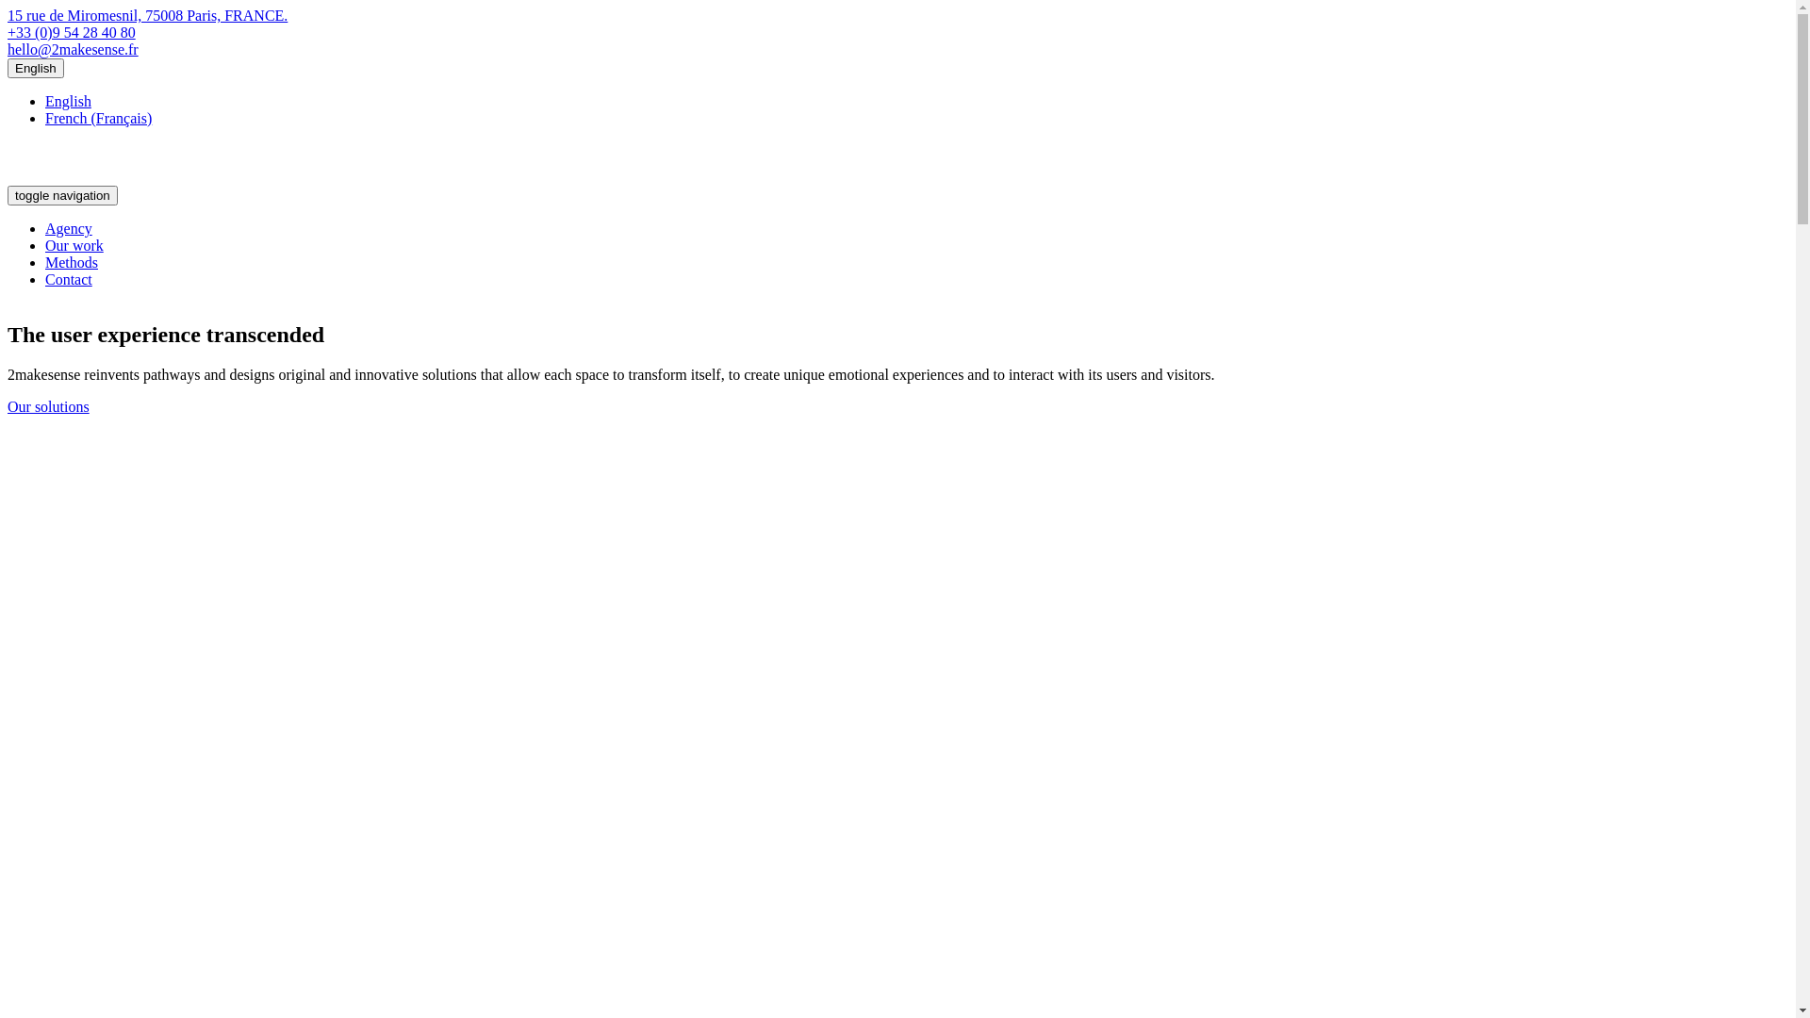 The image size is (1810, 1018). Describe the element at coordinates (45, 244) in the screenshot. I see `'Our work'` at that location.